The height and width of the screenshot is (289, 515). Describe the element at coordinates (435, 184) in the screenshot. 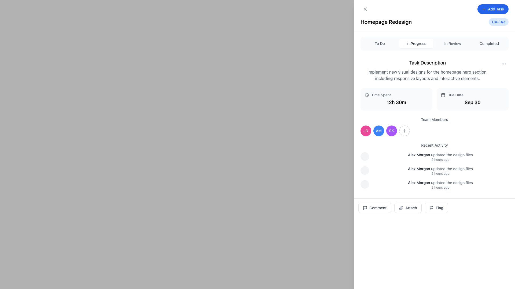

I see `the user name displayed in the last entry of the Recent Activity log, which is horizontally aligned with the circular profile placeholder` at that location.